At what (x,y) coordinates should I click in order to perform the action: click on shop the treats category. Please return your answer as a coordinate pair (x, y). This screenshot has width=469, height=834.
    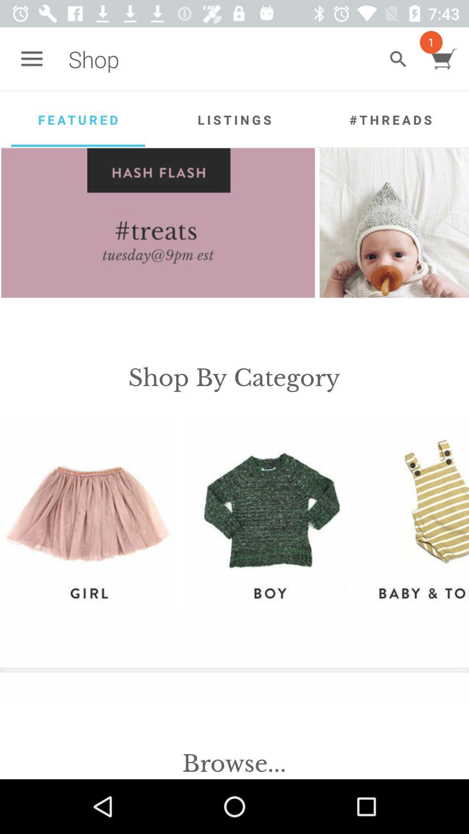
    Looking at the image, I should click on (158, 223).